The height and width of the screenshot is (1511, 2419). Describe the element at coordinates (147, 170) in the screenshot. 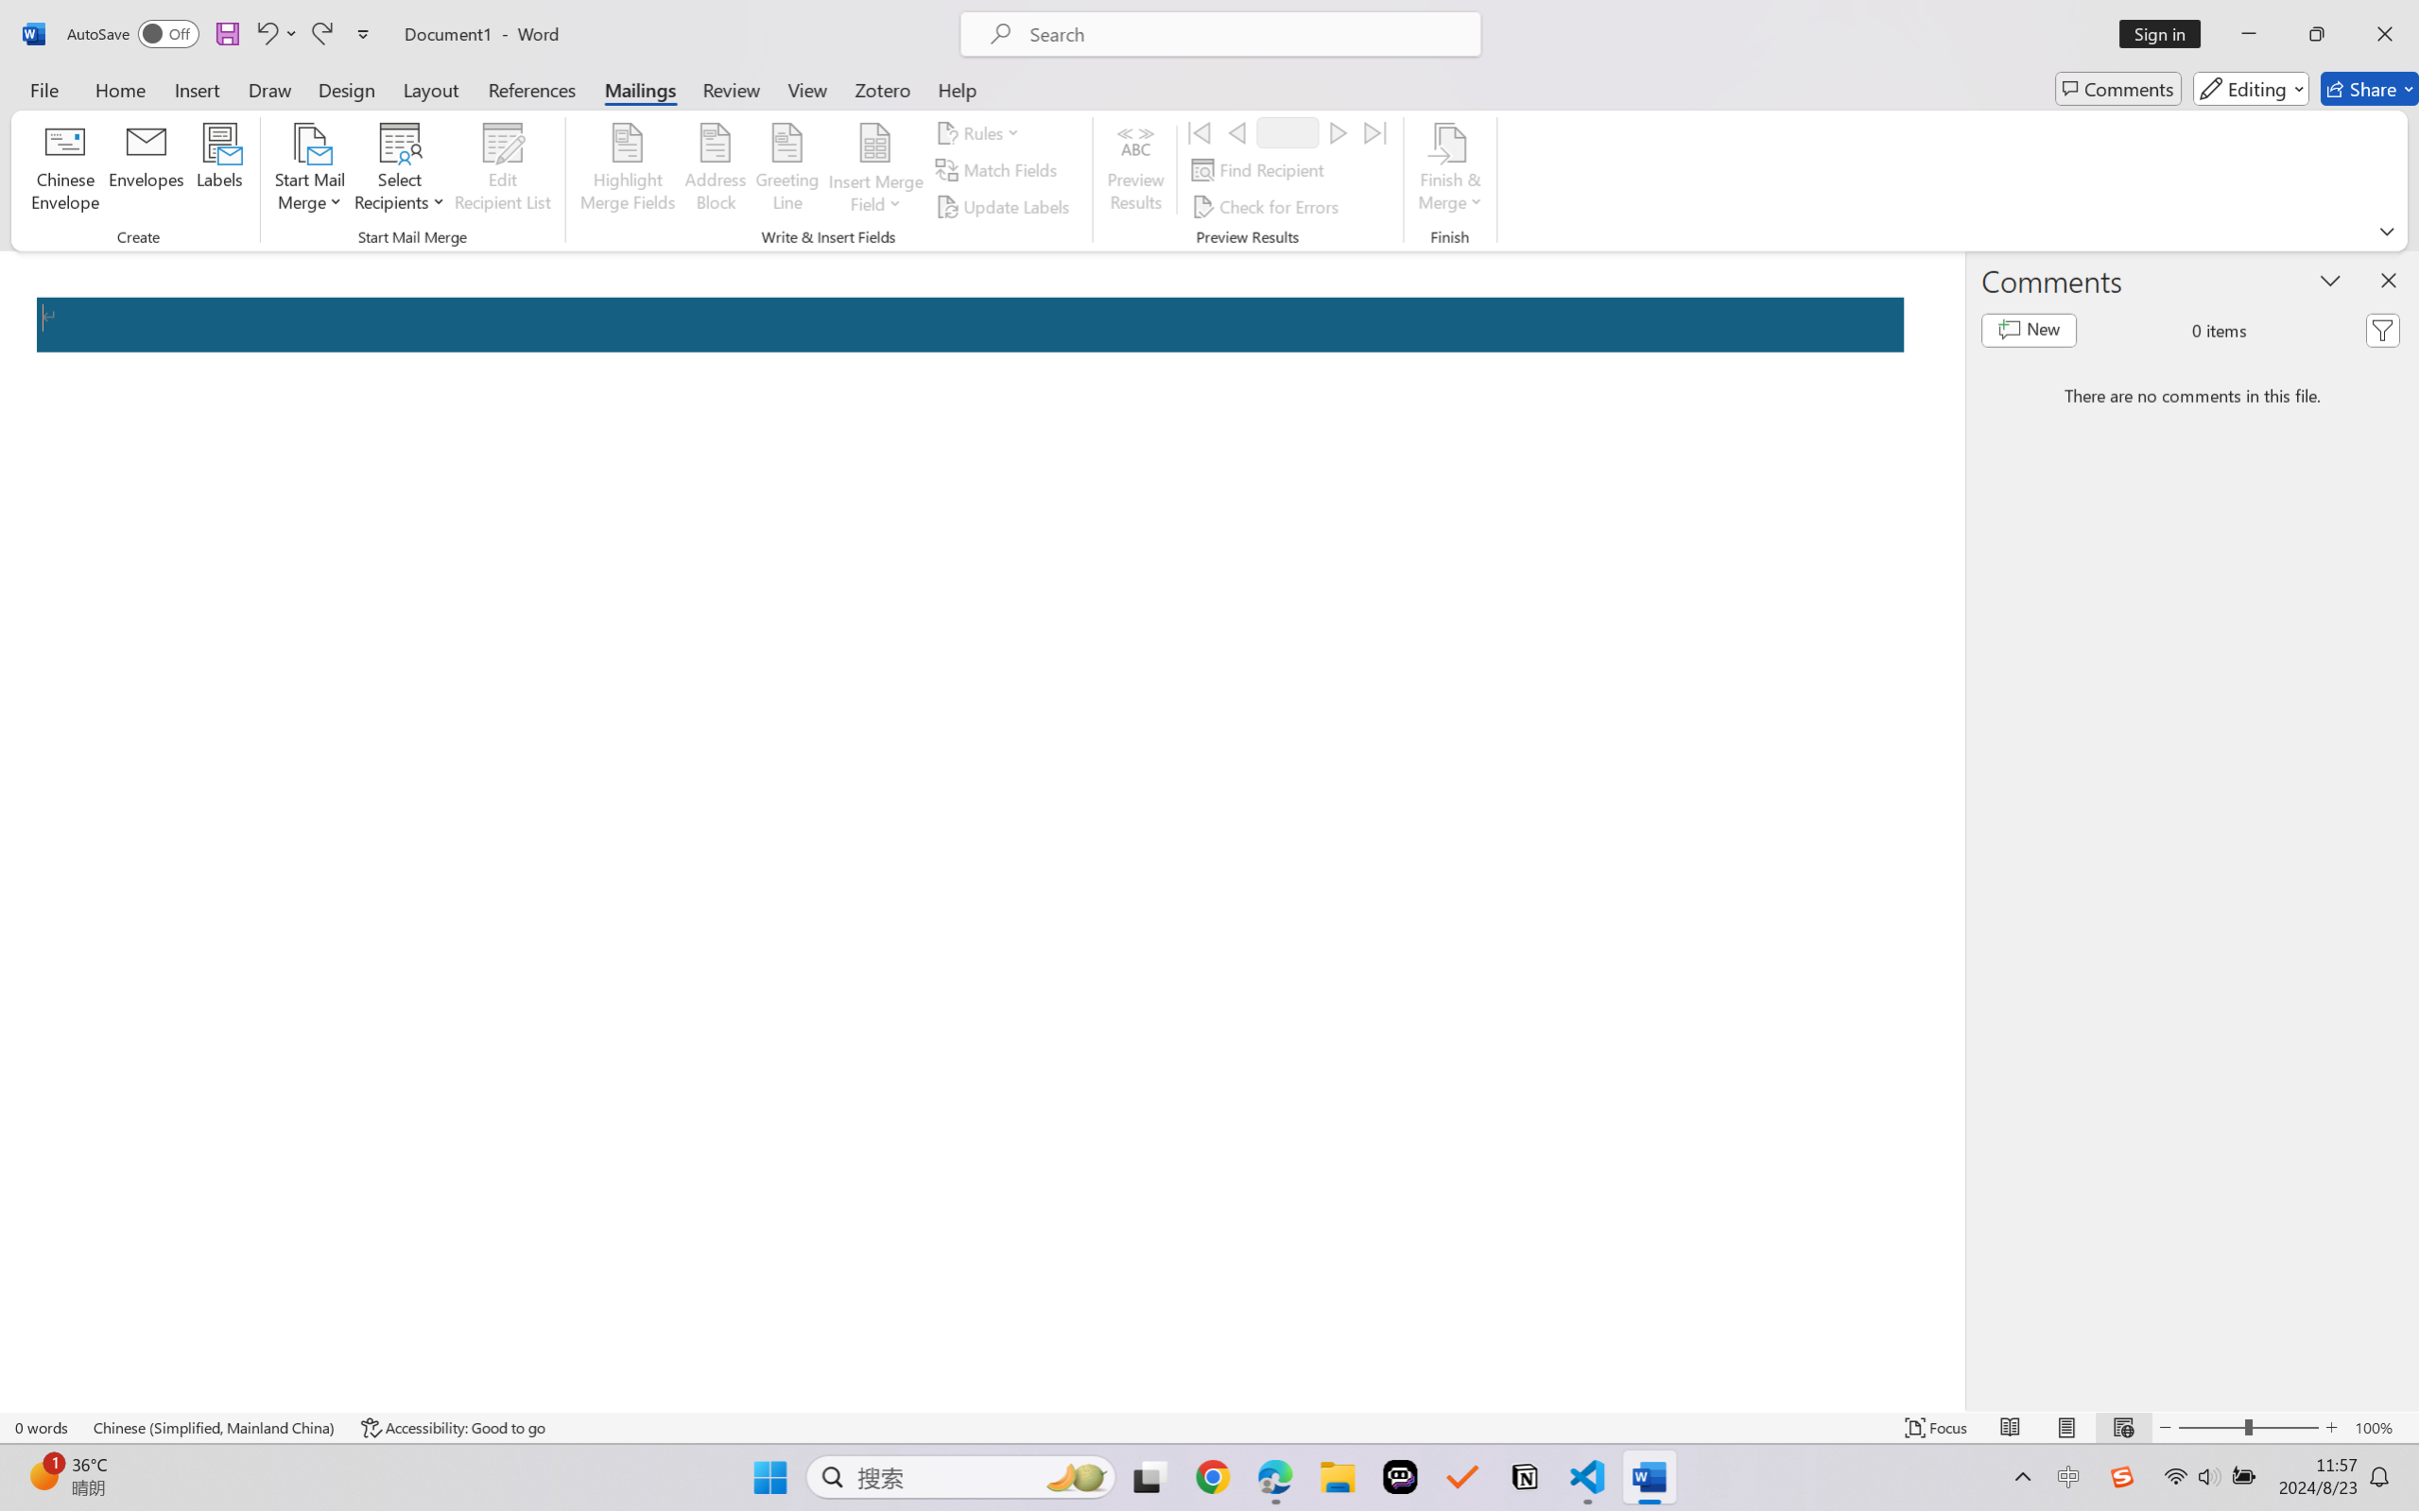

I see `'Envelopes...'` at that location.